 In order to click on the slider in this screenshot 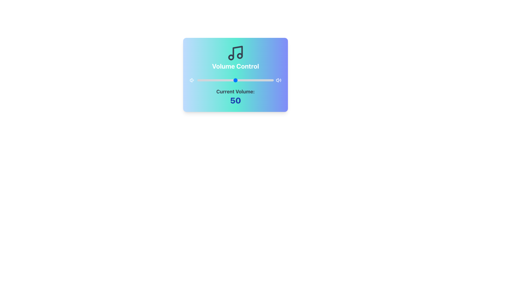, I will do `click(236, 80)`.